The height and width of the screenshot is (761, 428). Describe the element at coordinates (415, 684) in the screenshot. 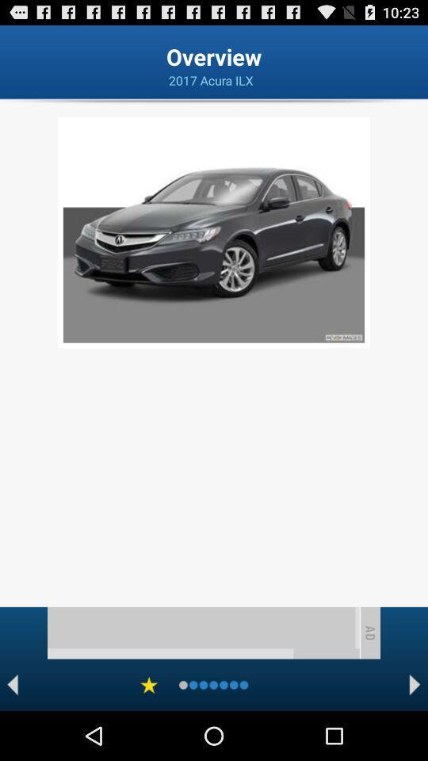

I see `next page` at that location.